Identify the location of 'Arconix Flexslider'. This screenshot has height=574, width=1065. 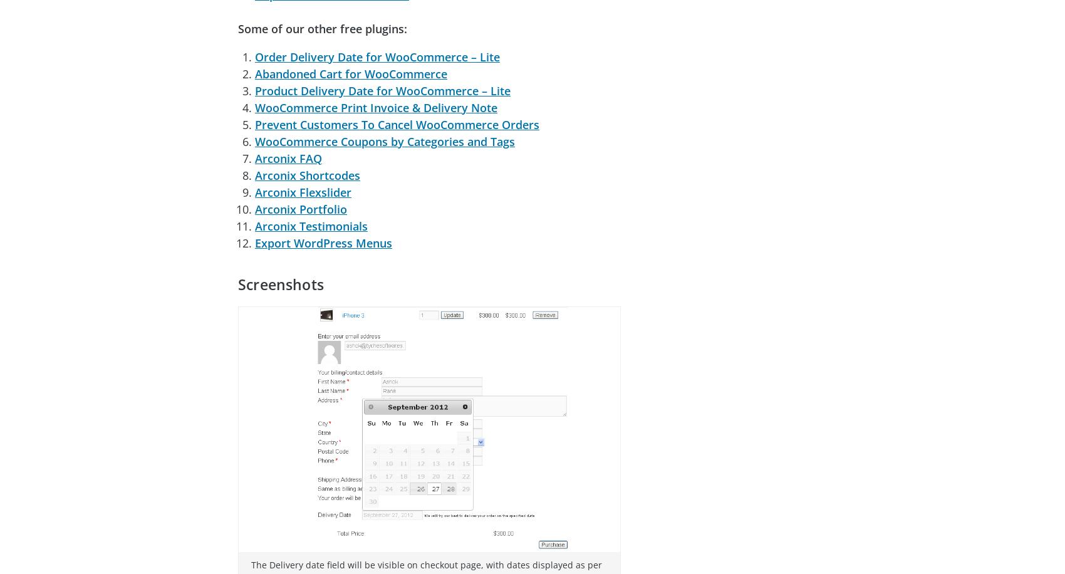
(303, 191).